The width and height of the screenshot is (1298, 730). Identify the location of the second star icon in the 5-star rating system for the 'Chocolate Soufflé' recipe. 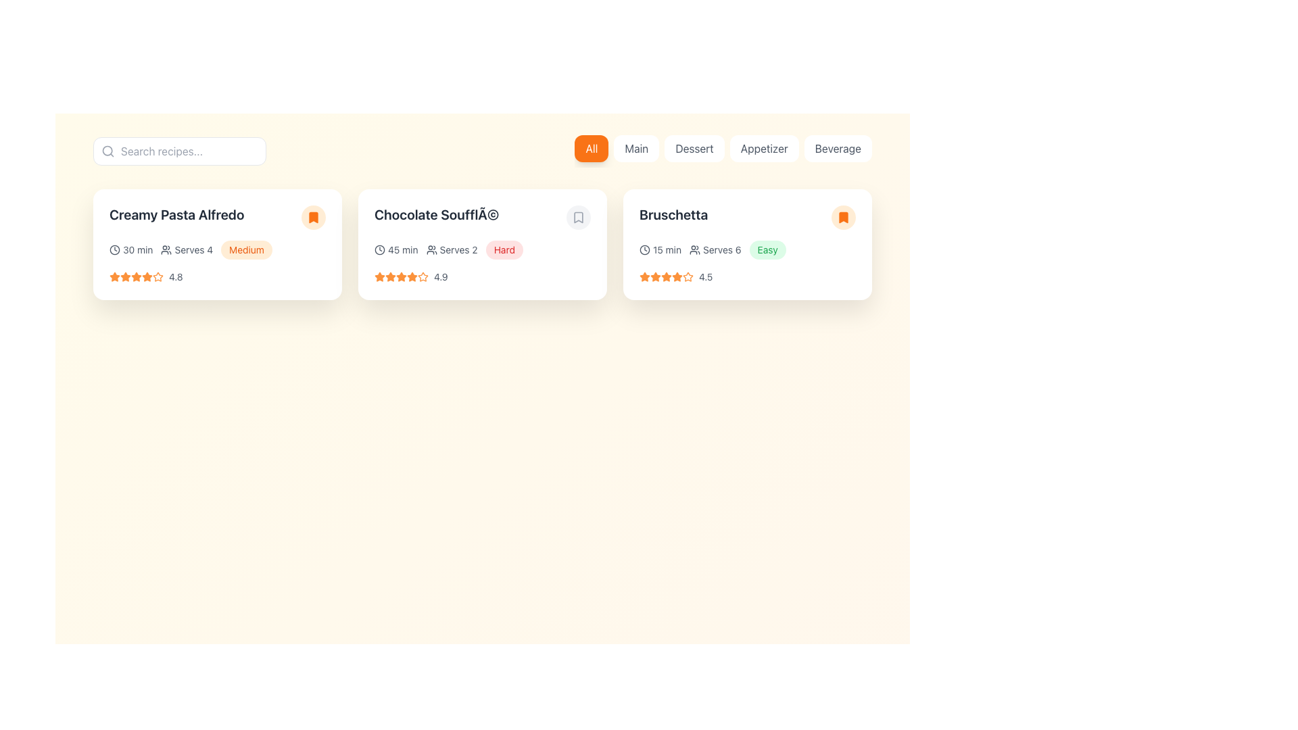
(411, 276).